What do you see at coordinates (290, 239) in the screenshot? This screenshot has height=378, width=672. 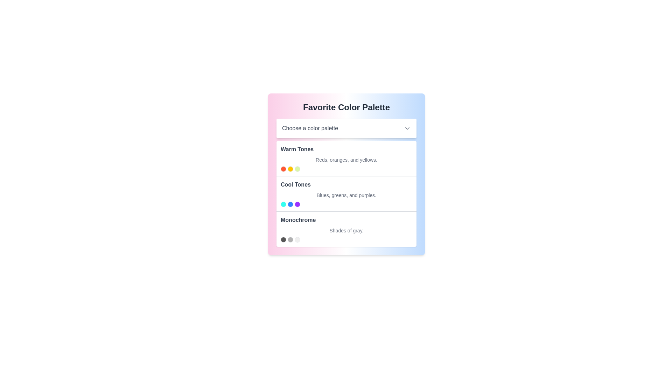 I see `the second circular selectable color option in the Monochrome section` at bounding box center [290, 239].